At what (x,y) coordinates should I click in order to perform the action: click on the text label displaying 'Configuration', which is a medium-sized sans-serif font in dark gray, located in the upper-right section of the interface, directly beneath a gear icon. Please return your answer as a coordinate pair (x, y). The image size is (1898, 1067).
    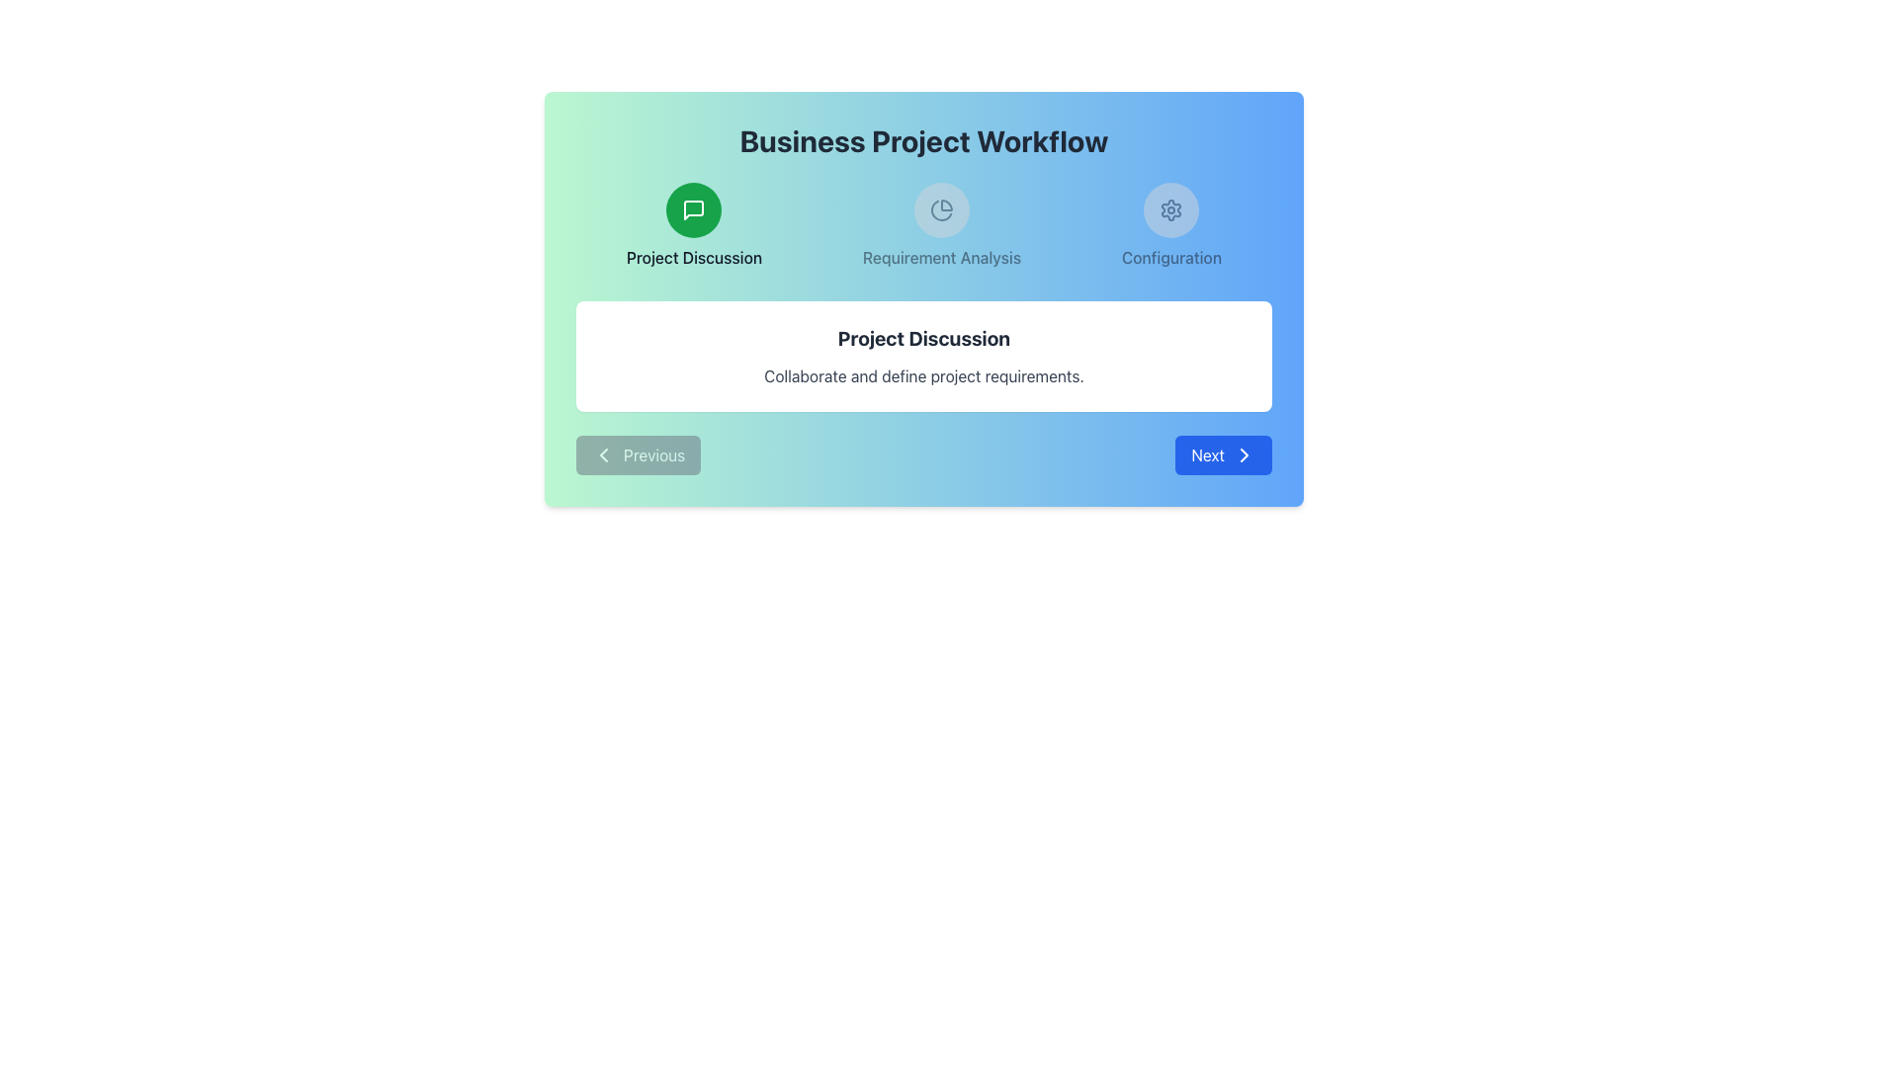
    Looking at the image, I should click on (1171, 257).